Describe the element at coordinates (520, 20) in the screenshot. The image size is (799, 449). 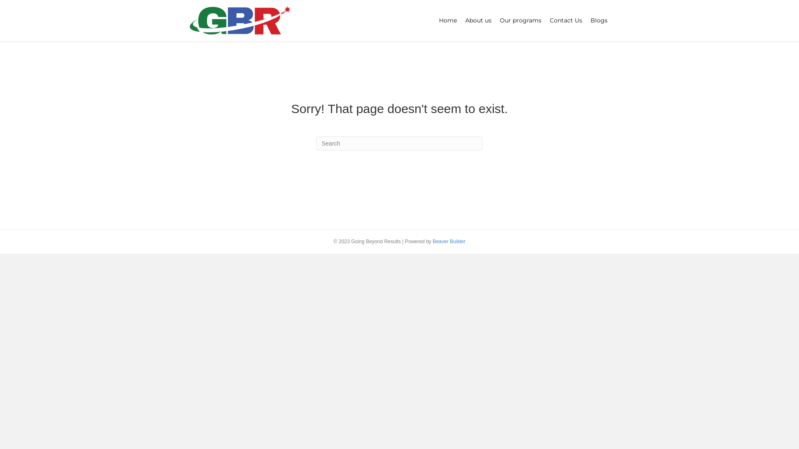
I see `'Our programs'` at that location.